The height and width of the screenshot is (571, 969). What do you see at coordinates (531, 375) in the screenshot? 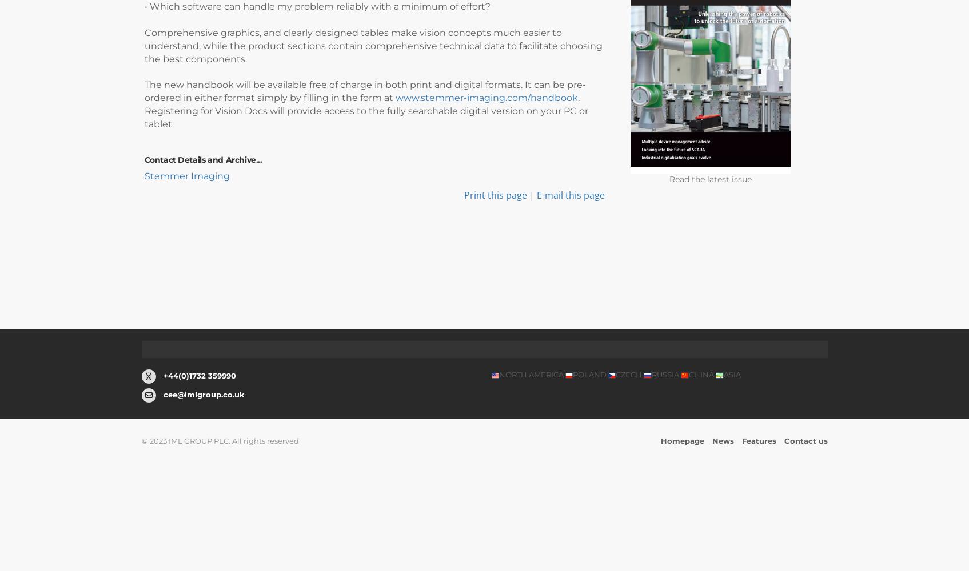
I see `'NORTH AMERICA'` at bounding box center [531, 375].